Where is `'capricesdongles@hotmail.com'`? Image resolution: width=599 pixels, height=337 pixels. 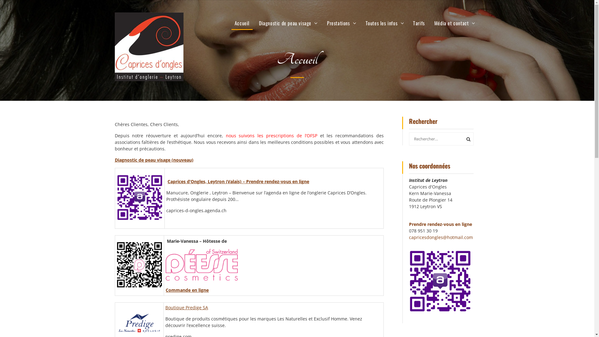 'capricesdongles@hotmail.com' is located at coordinates (441, 237).